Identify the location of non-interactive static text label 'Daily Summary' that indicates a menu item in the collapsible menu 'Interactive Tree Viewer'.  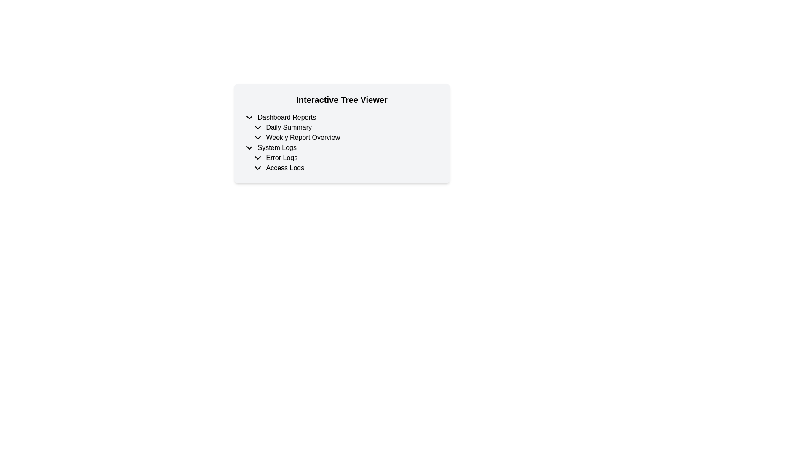
(289, 128).